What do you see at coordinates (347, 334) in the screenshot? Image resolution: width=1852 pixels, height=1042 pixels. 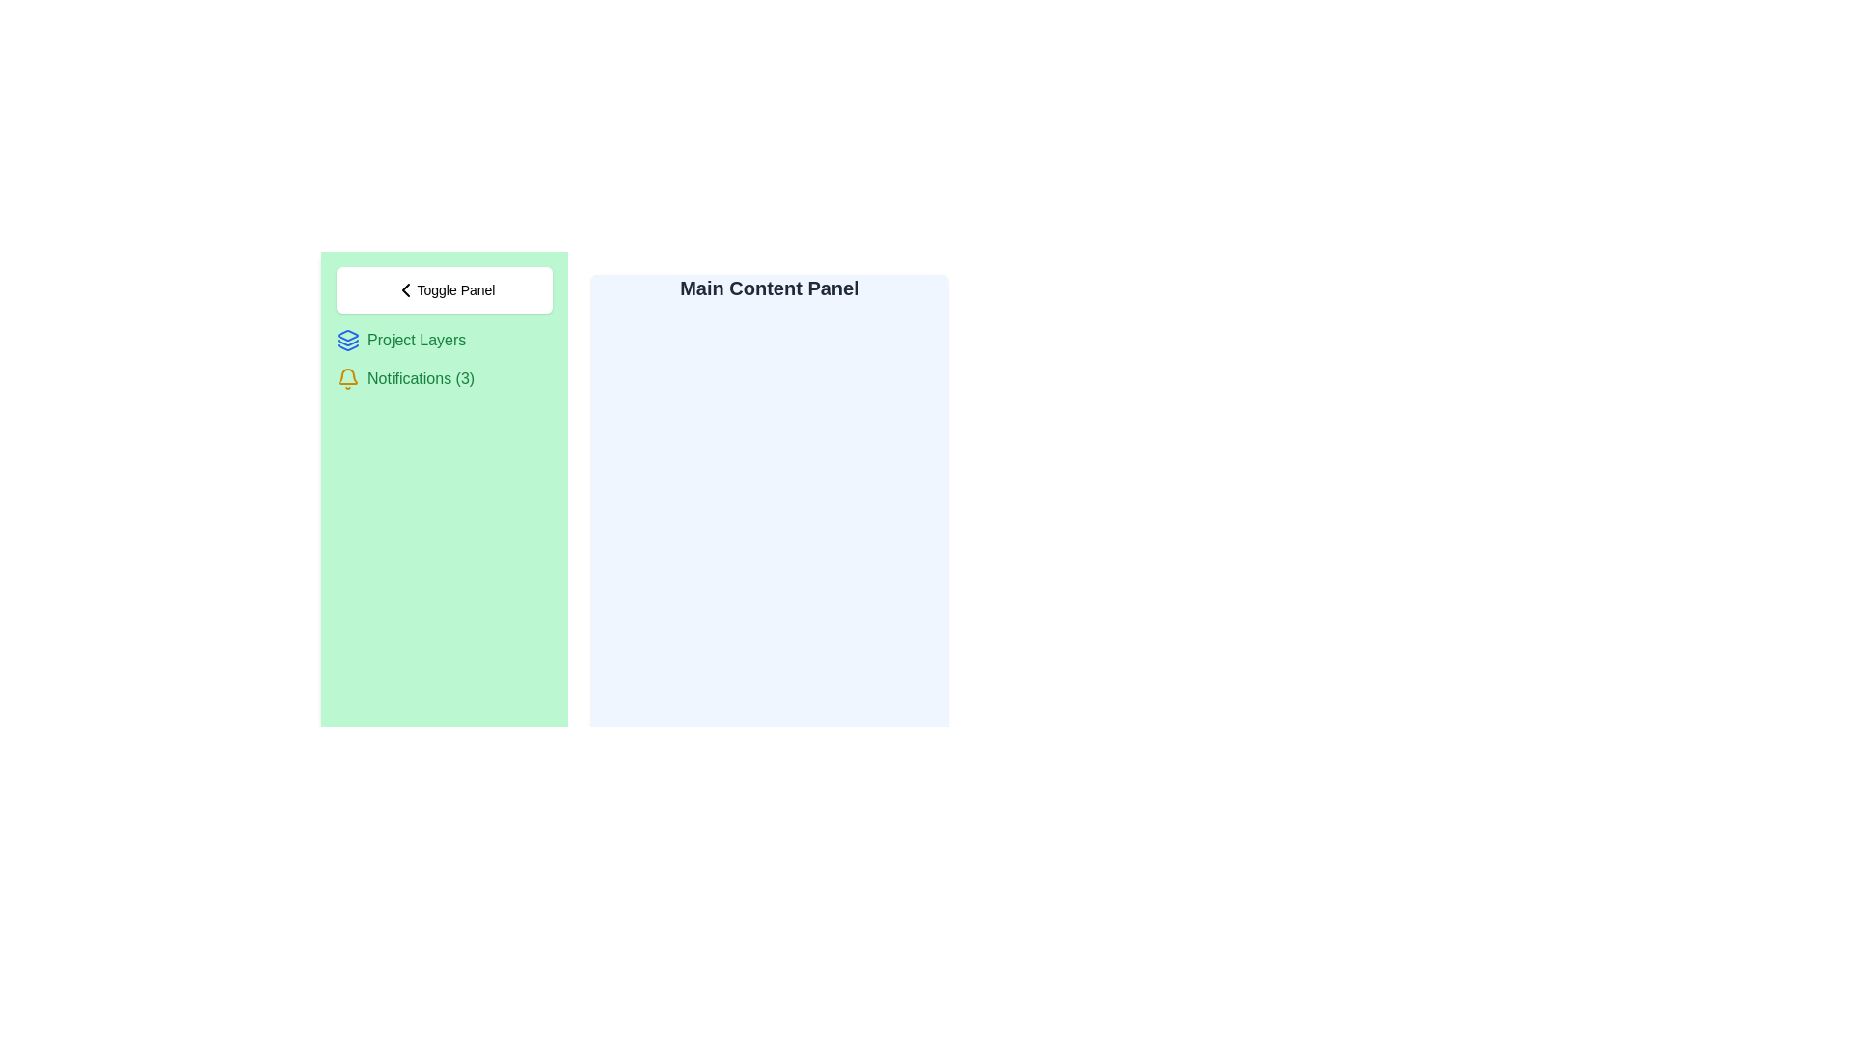 I see `the 'layers' icon, which is the topmost subcomponent in the SVG, located to the left of the 'Project Layers' text label` at bounding box center [347, 334].